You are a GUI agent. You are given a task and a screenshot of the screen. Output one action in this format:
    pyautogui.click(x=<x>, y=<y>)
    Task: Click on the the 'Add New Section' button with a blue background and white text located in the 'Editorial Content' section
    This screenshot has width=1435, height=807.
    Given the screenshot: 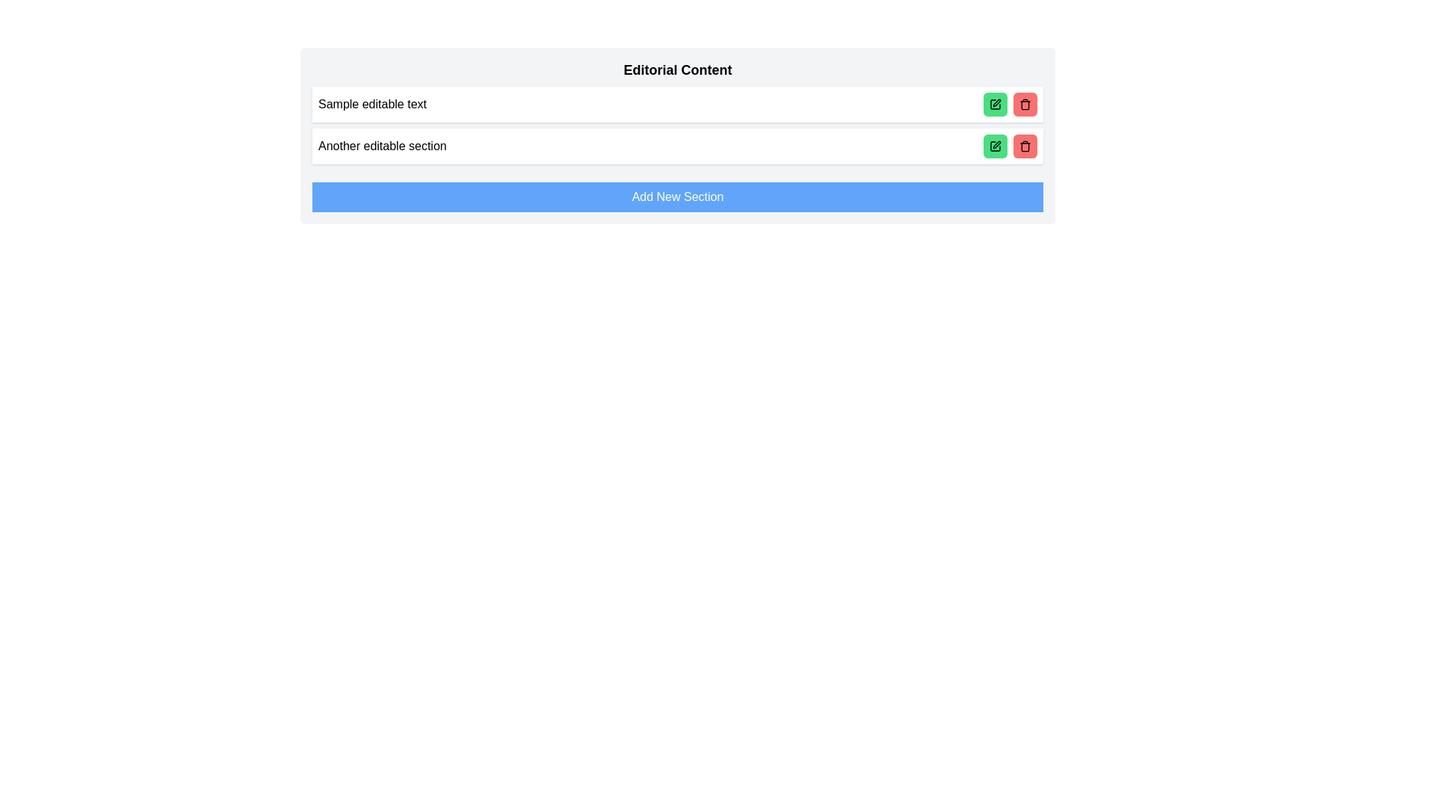 What is the action you would take?
    pyautogui.click(x=677, y=196)
    